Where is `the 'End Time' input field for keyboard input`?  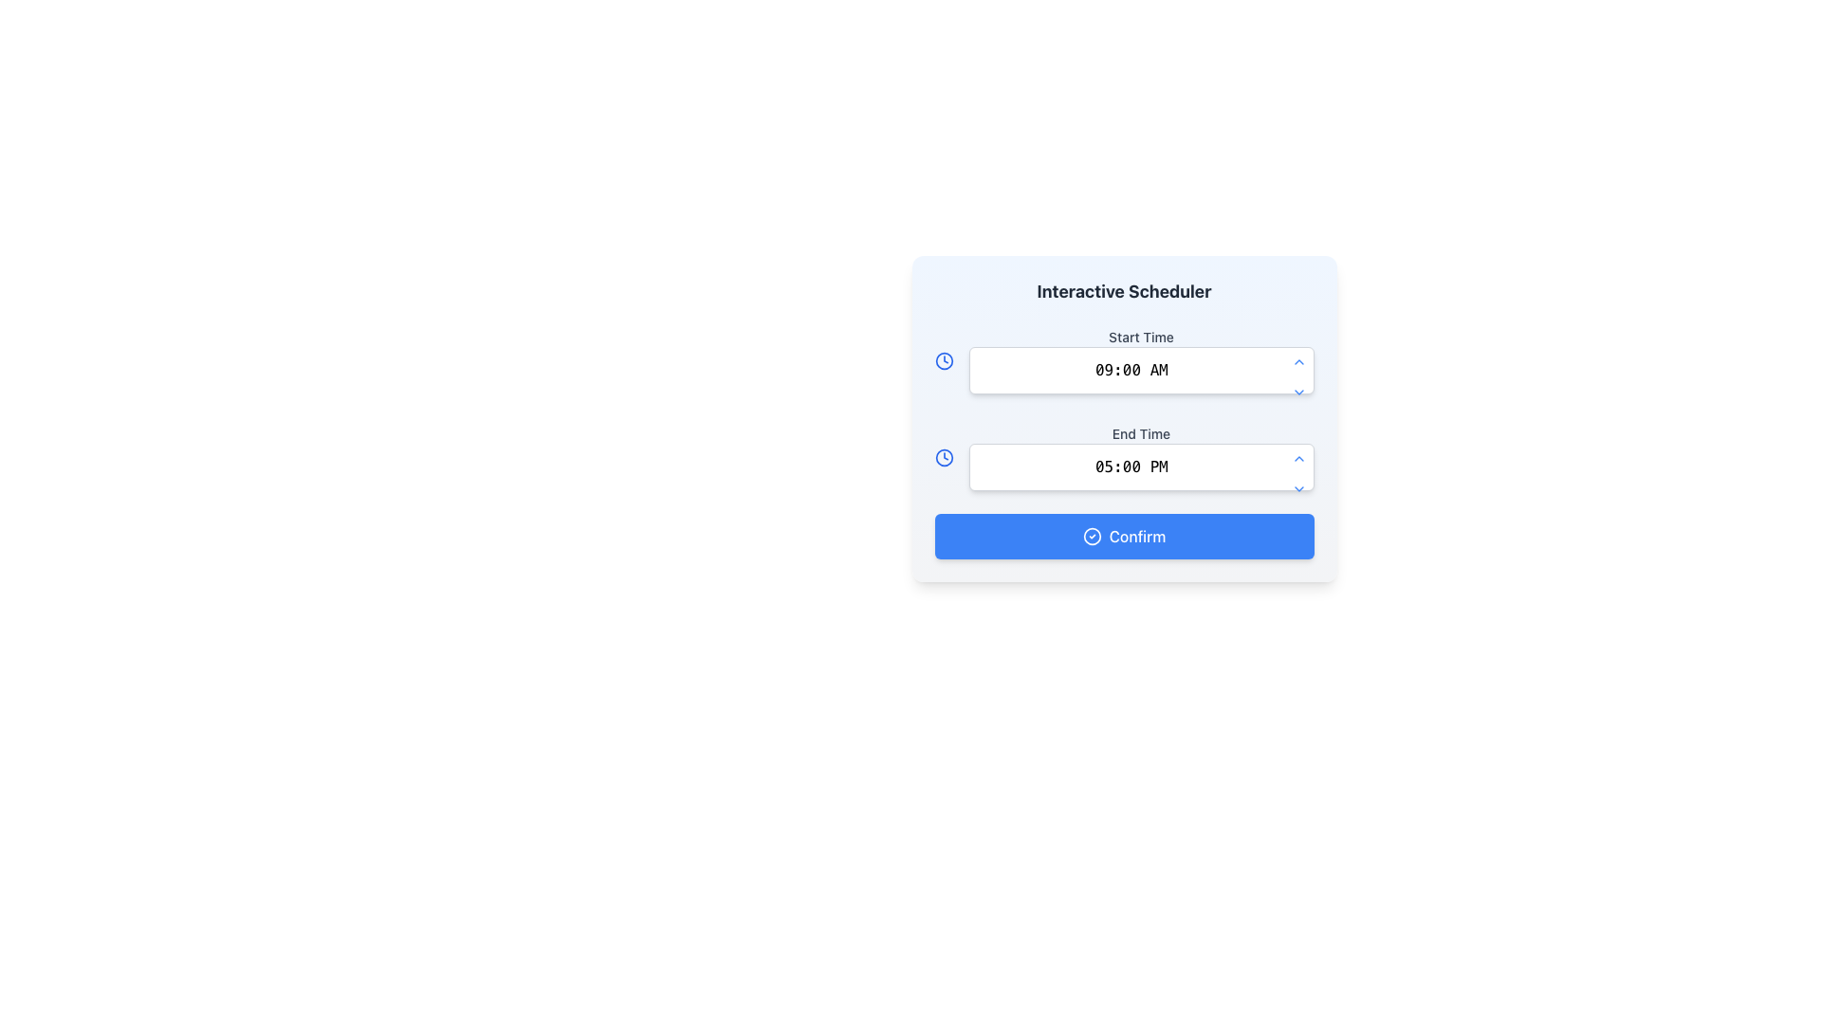
the 'End Time' input field for keyboard input is located at coordinates (1140, 457).